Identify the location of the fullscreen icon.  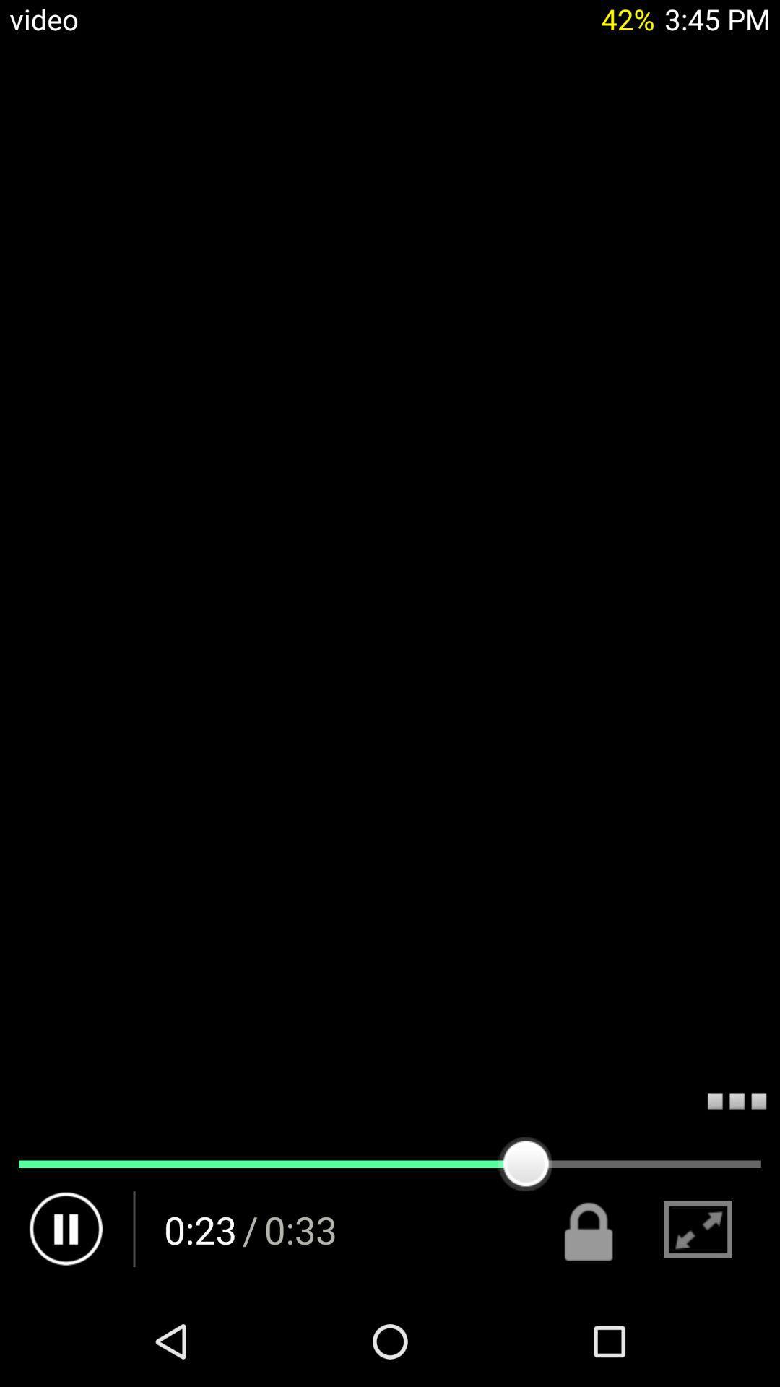
(697, 1315).